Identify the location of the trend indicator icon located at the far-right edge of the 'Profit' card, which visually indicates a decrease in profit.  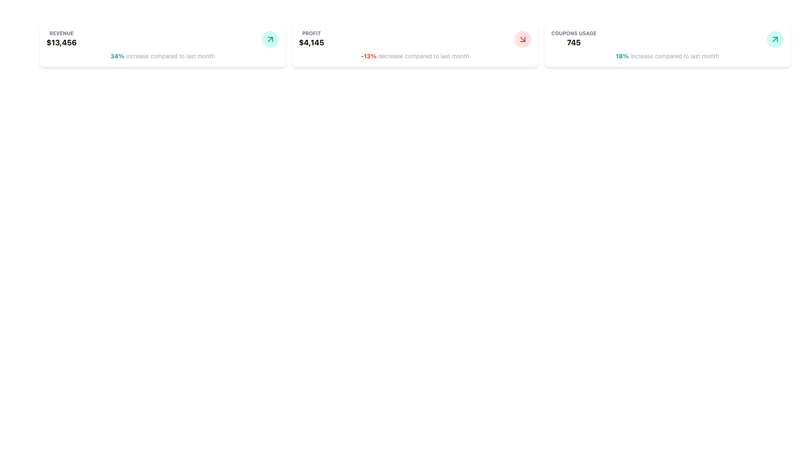
(522, 39).